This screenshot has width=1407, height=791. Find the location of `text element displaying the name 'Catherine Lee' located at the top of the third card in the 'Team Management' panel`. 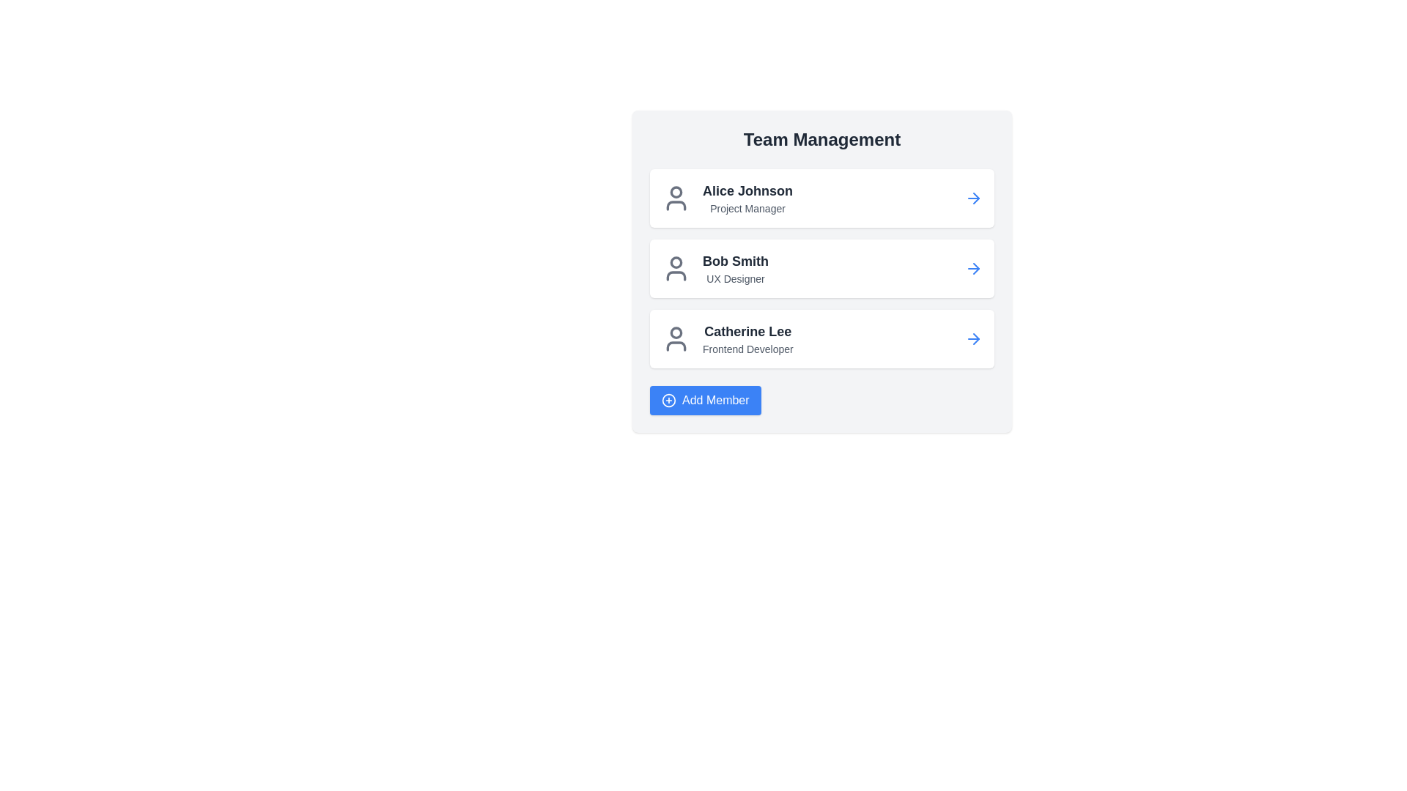

text element displaying the name 'Catherine Lee' located at the top of the third card in the 'Team Management' panel is located at coordinates (747, 331).